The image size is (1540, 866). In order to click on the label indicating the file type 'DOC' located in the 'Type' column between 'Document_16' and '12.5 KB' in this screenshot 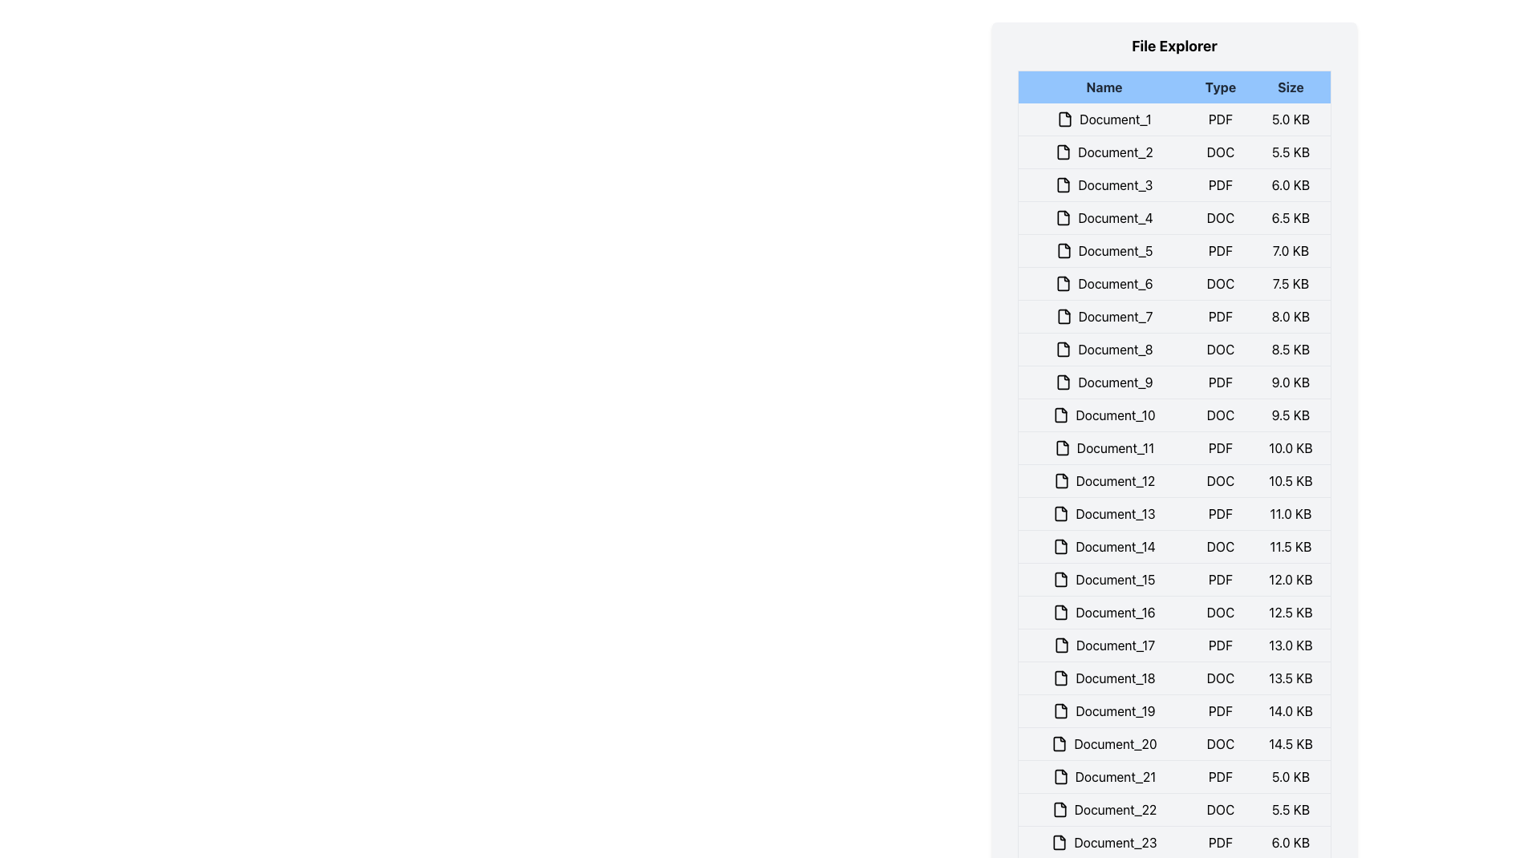, I will do `click(1219, 612)`.